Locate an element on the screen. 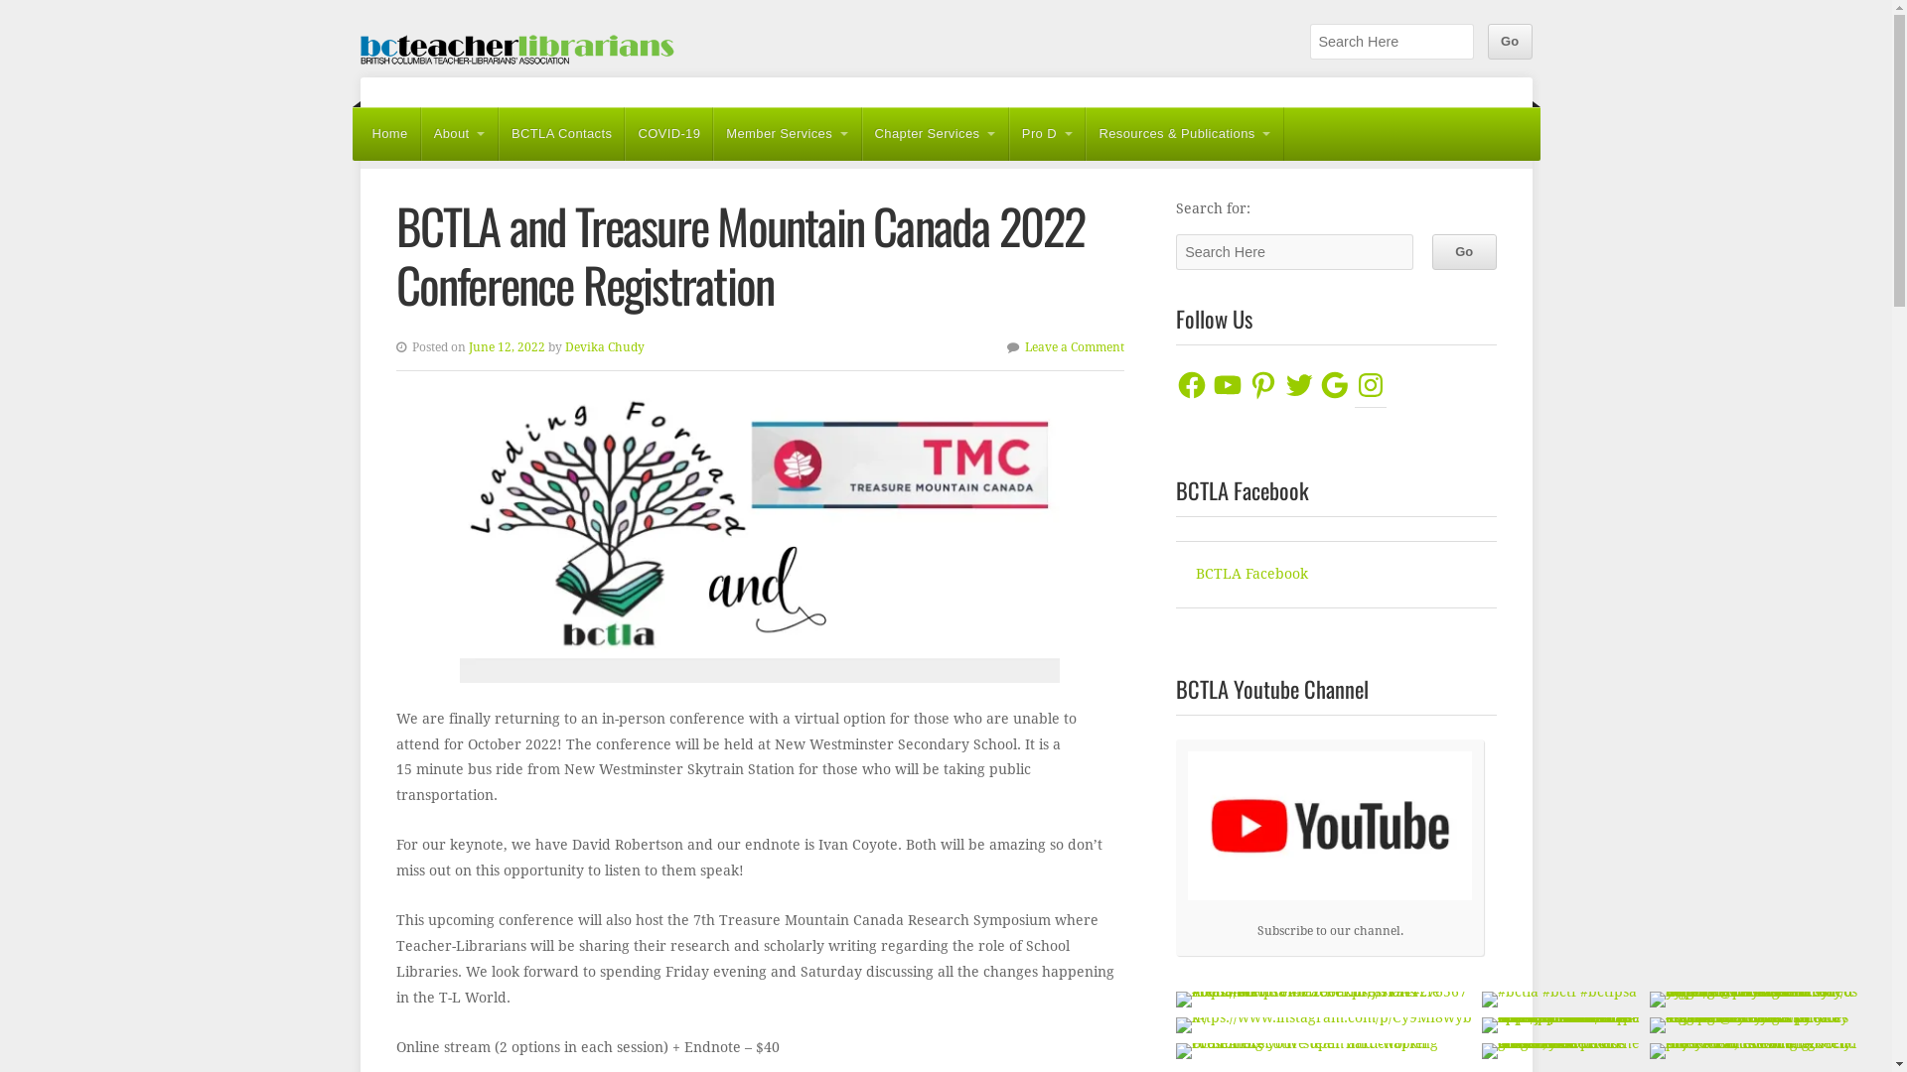  'Devika Chudy' is located at coordinates (603, 346).